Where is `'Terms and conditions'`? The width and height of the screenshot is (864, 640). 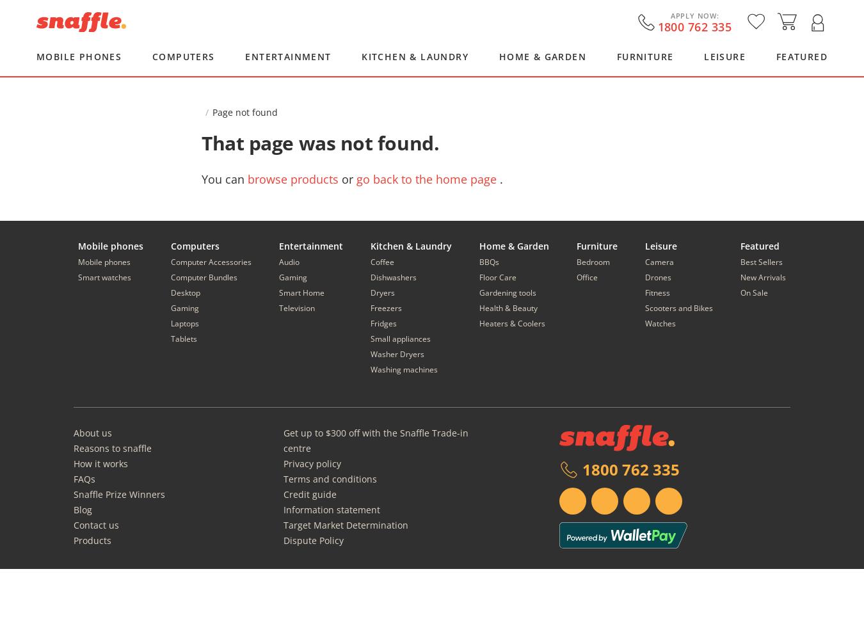
'Terms and conditions' is located at coordinates (329, 478).